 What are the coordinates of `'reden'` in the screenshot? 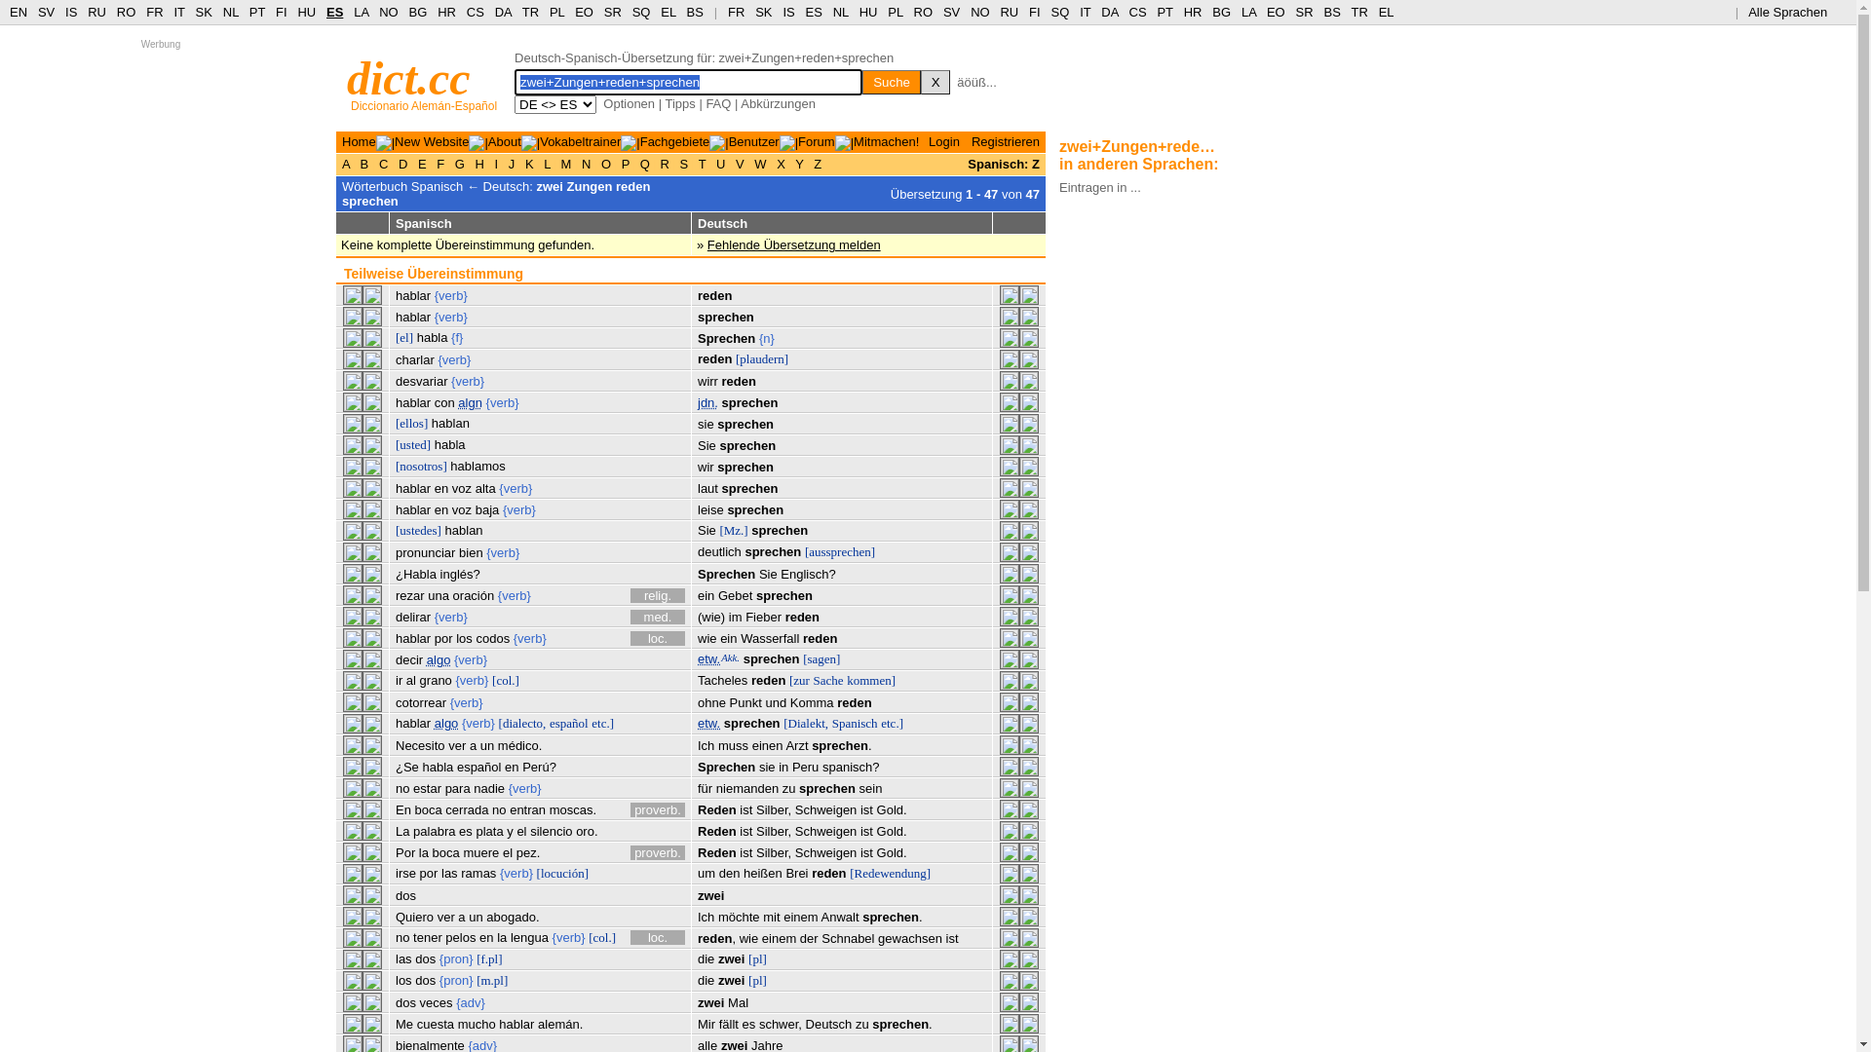 It's located at (767, 679).